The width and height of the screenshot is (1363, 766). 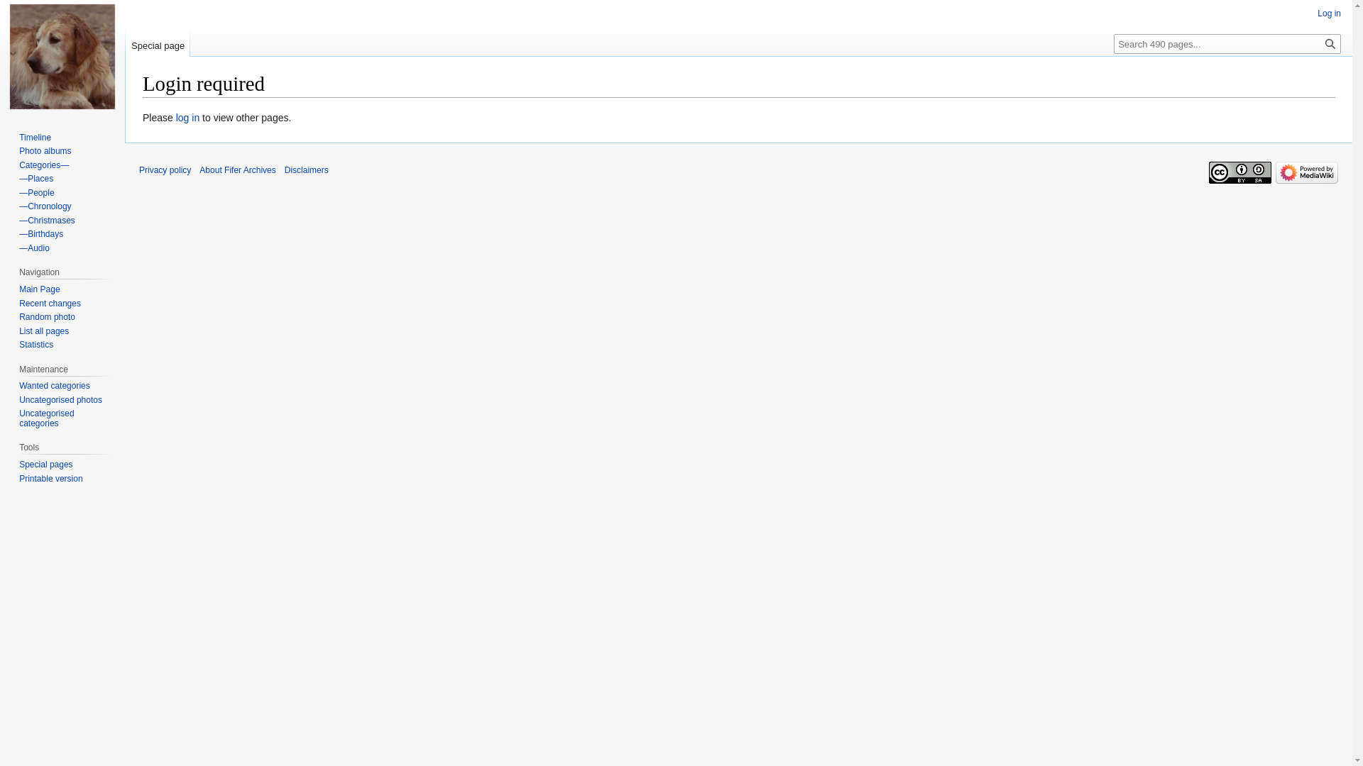 I want to click on 'Privacy policy', so click(x=165, y=169).